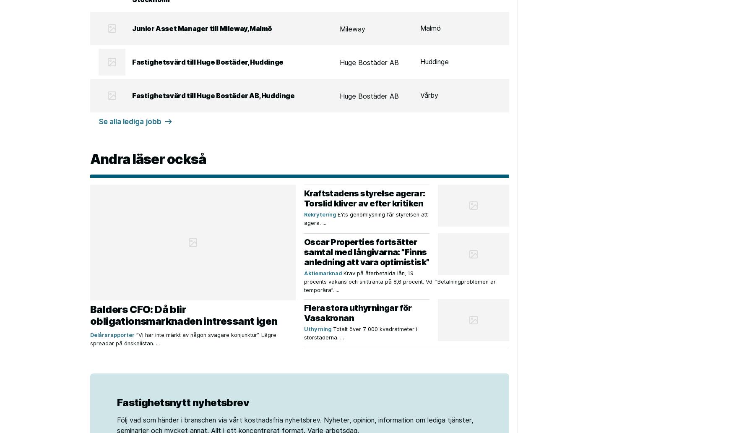 This screenshot has height=433, width=734. What do you see at coordinates (112, 335) in the screenshot?
I see `'Delårsrapporter'` at bounding box center [112, 335].